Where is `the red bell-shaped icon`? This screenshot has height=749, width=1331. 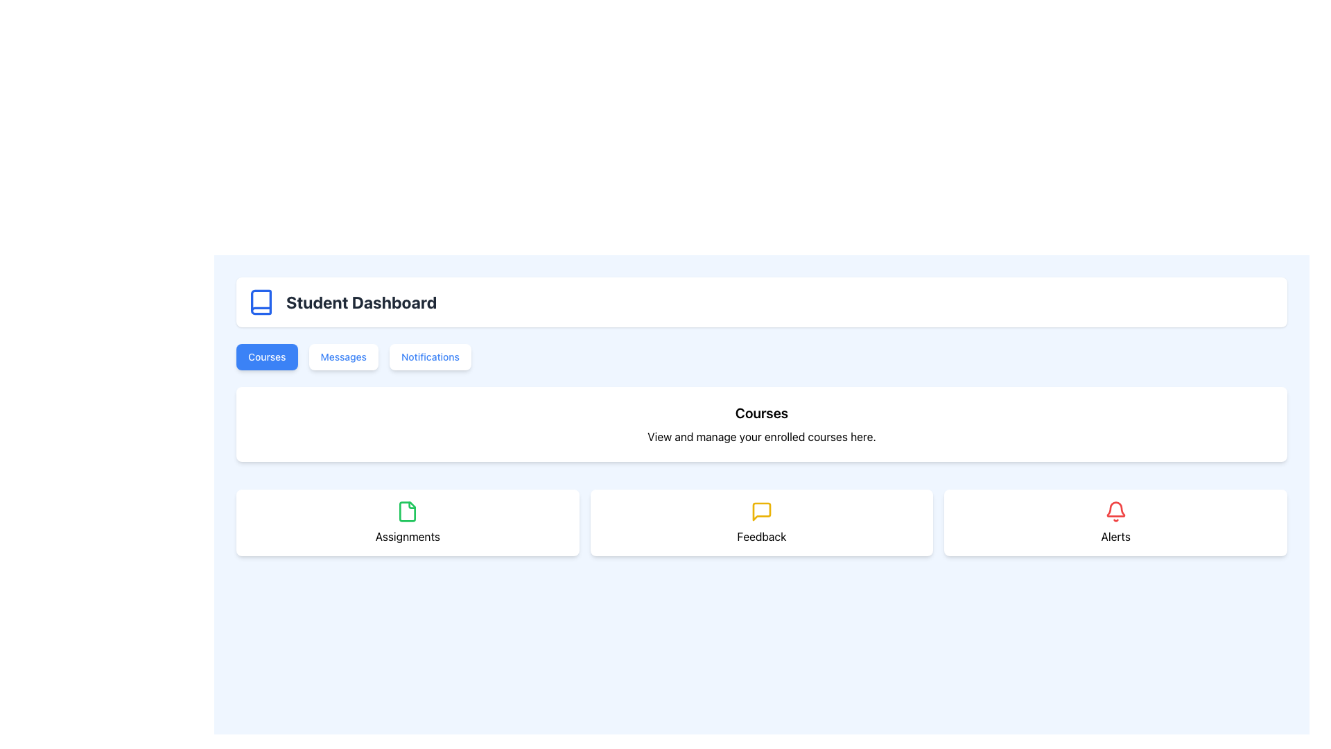 the red bell-shaped icon is located at coordinates (1115, 511).